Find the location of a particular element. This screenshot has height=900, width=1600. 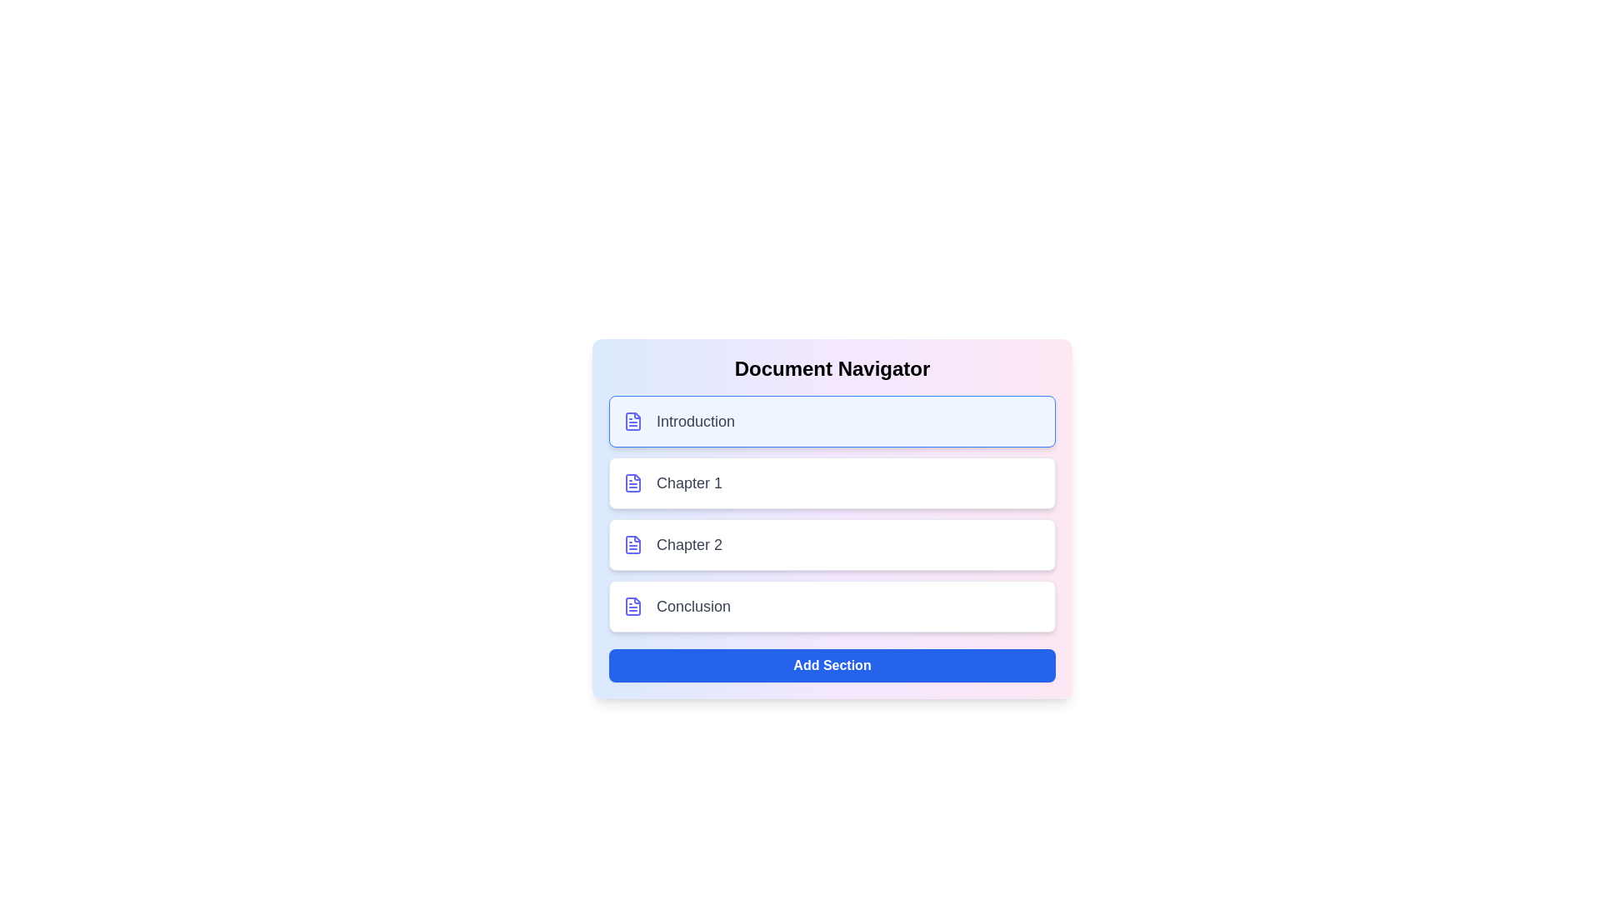

the section corresponding to Introduction by clicking on its list item is located at coordinates (832, 420).